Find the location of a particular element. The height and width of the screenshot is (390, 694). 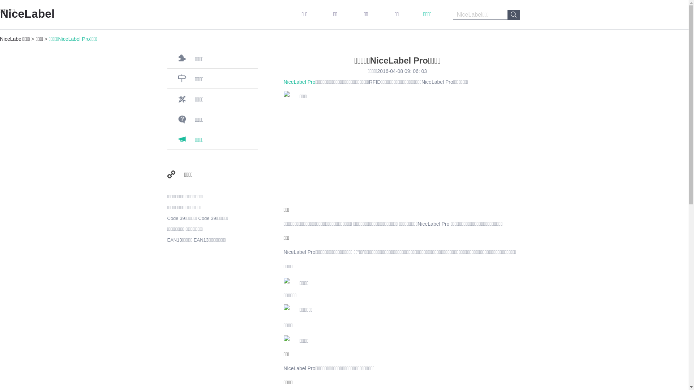

'NiceLabel' is located at coordinates (27, 14).